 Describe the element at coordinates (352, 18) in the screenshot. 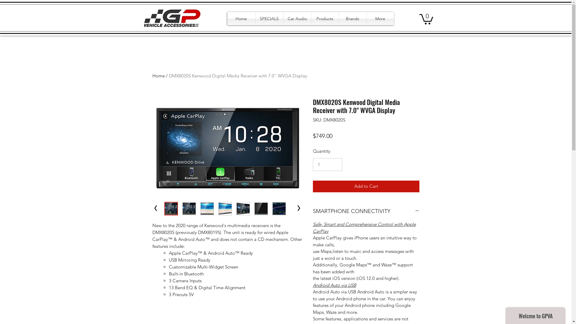

I see `'Brands'` at that location.